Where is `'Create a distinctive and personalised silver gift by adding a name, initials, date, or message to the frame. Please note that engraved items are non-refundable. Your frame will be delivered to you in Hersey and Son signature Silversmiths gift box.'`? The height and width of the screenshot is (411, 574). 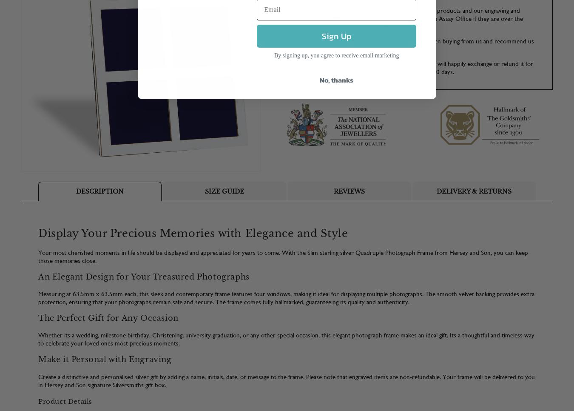 'Create a distinctive and personalised silver gift by adding a name, initials, date, or message to the frame. Please note that engraved items are non-refundable. Your frame will be delivered to you in Hersey and Son signature Silversmiths gift box.' is located at coordinates (287, 380).